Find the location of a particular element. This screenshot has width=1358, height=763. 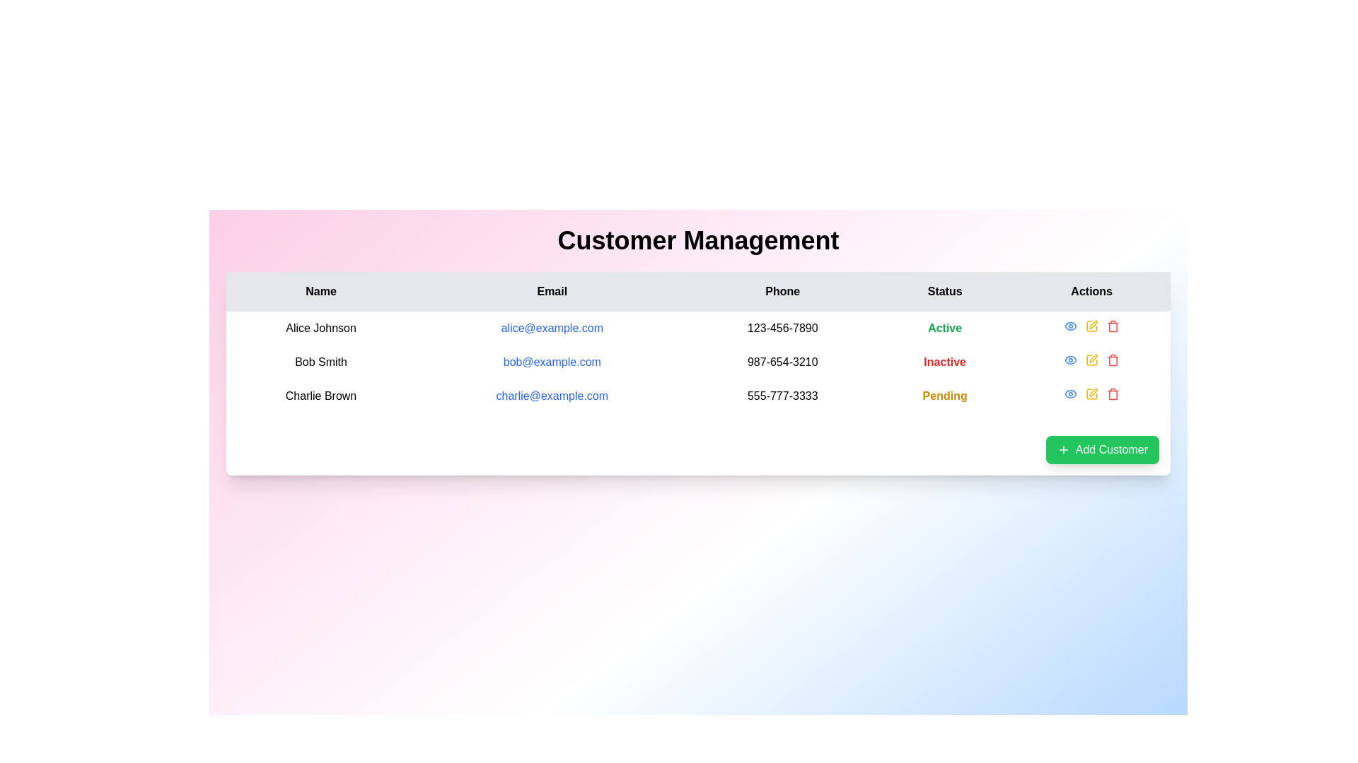

the text label displaying 'Charlie Brown' in the 'Name' column of the third row of the table is located at coordinates (320, 396).